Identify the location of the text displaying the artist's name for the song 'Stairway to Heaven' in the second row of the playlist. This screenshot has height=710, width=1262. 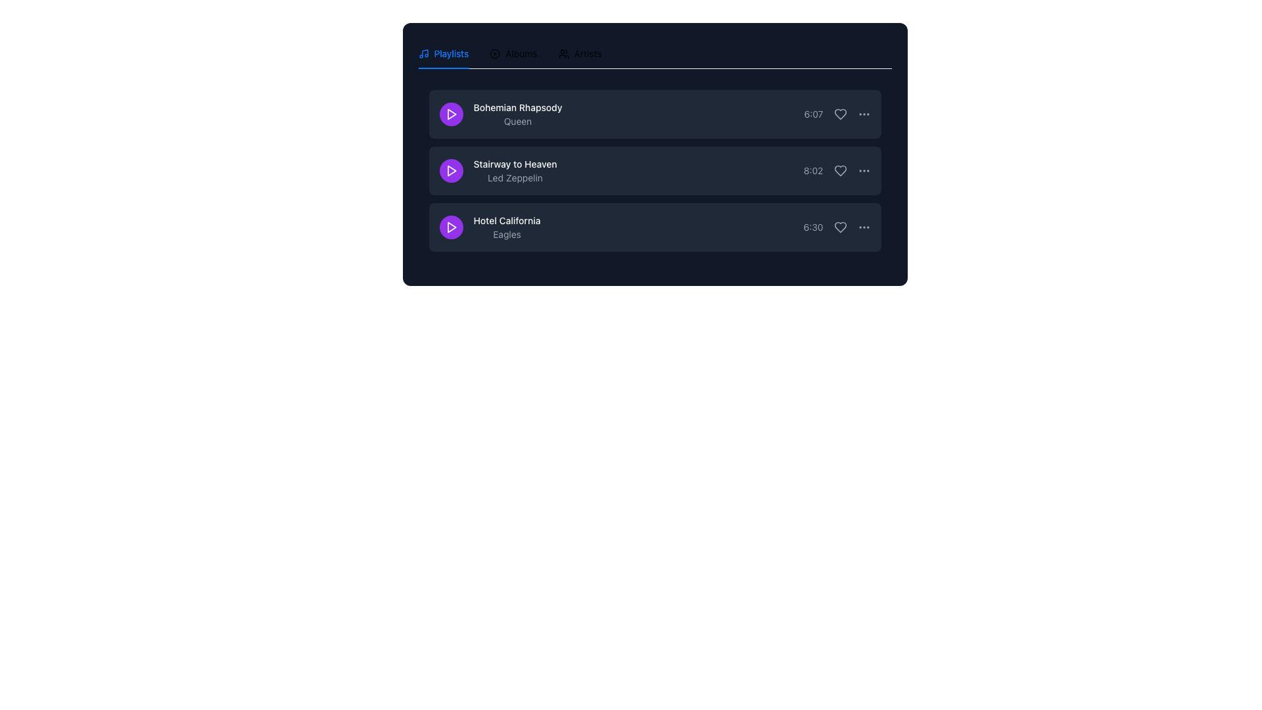
(514, 177).